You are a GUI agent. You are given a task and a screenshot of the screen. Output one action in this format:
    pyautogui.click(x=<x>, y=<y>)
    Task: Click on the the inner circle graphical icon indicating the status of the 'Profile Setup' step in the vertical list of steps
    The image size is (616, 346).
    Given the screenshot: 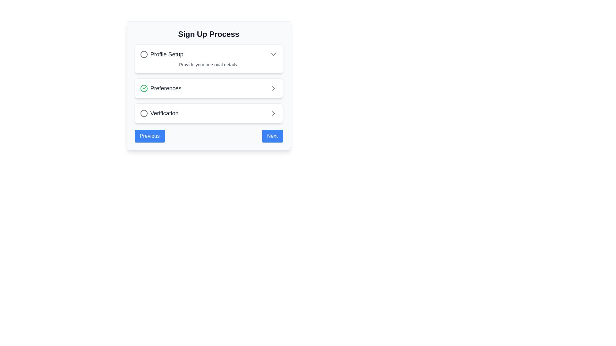 What is the action you would take?
    pyautogui.click(x=143, y=54)
    